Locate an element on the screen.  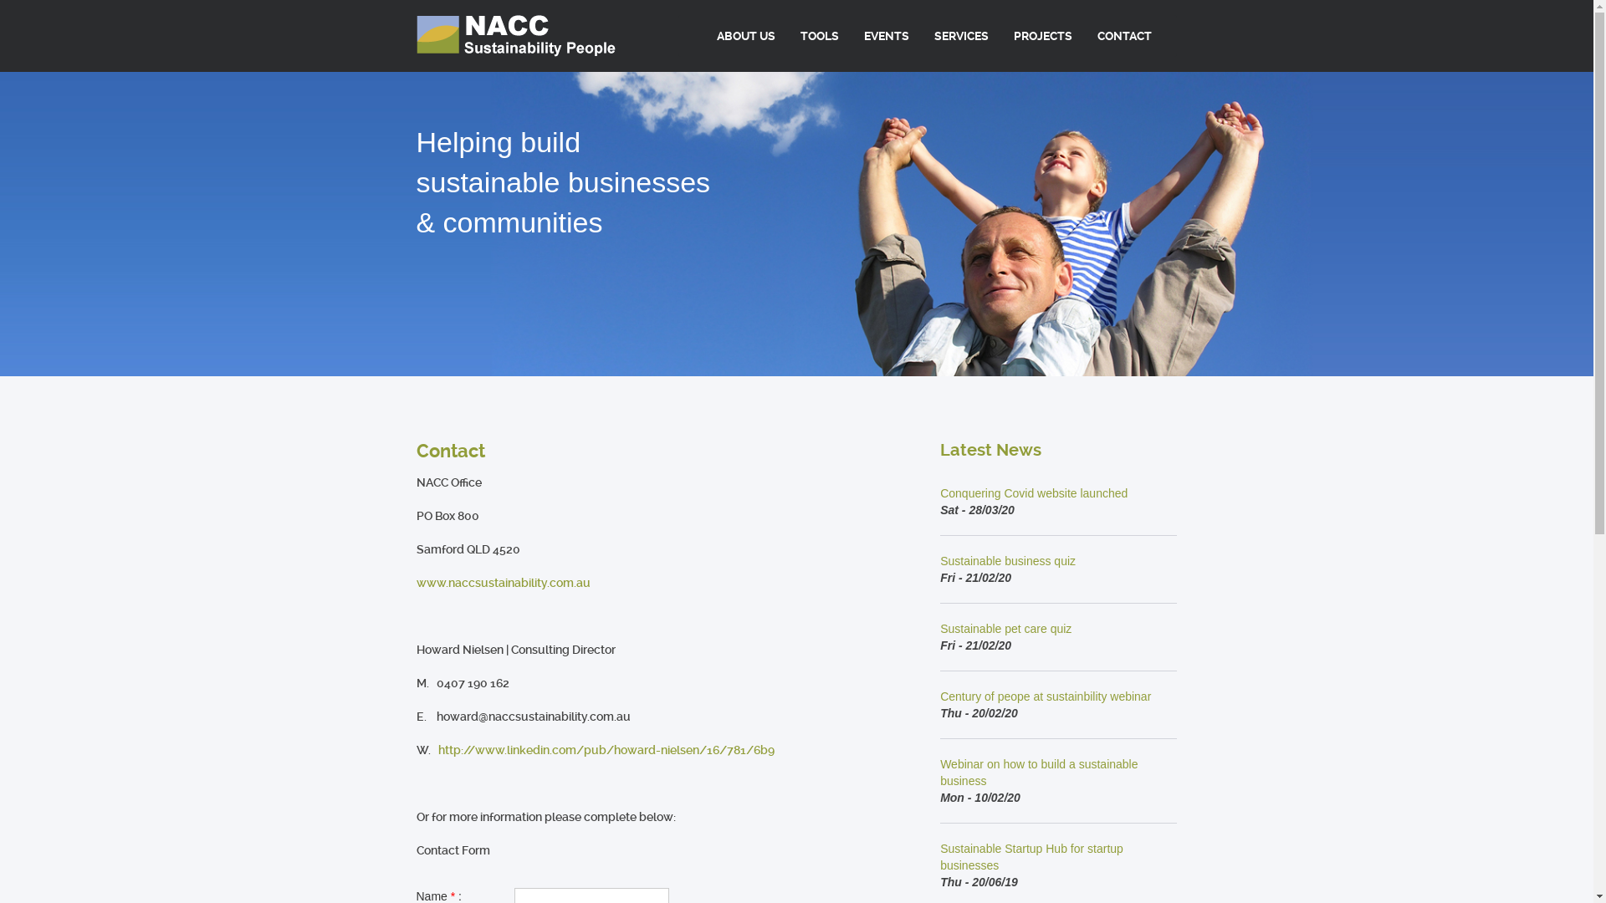
'ABOUT US' is located at coordinates (745, 35).